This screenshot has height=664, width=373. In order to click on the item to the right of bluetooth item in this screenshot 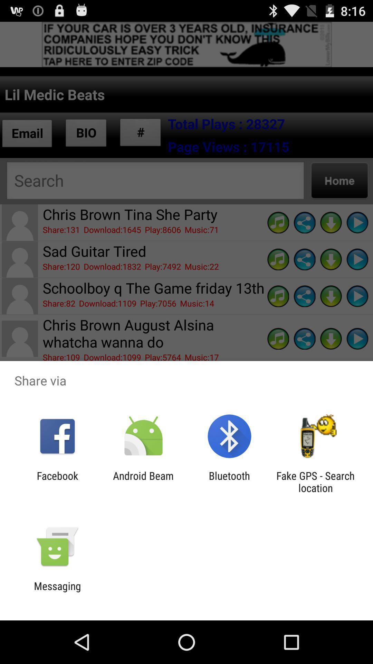, I will do `click(315, 481)`.